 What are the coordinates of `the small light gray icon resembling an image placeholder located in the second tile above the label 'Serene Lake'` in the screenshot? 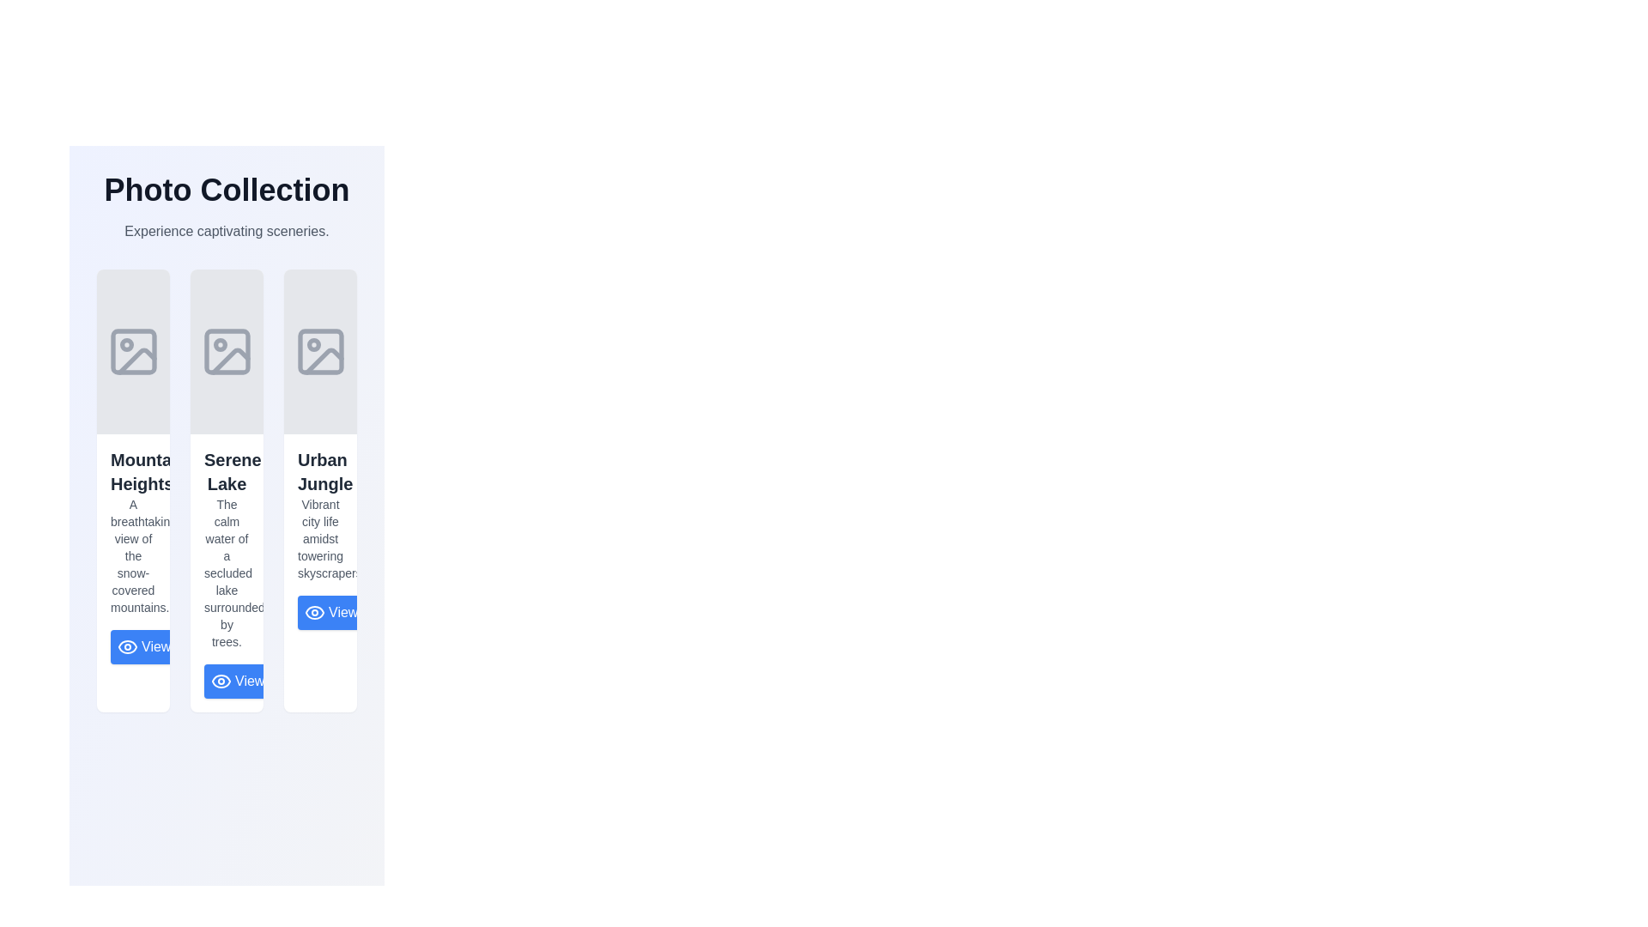 It's located at (226, 350).